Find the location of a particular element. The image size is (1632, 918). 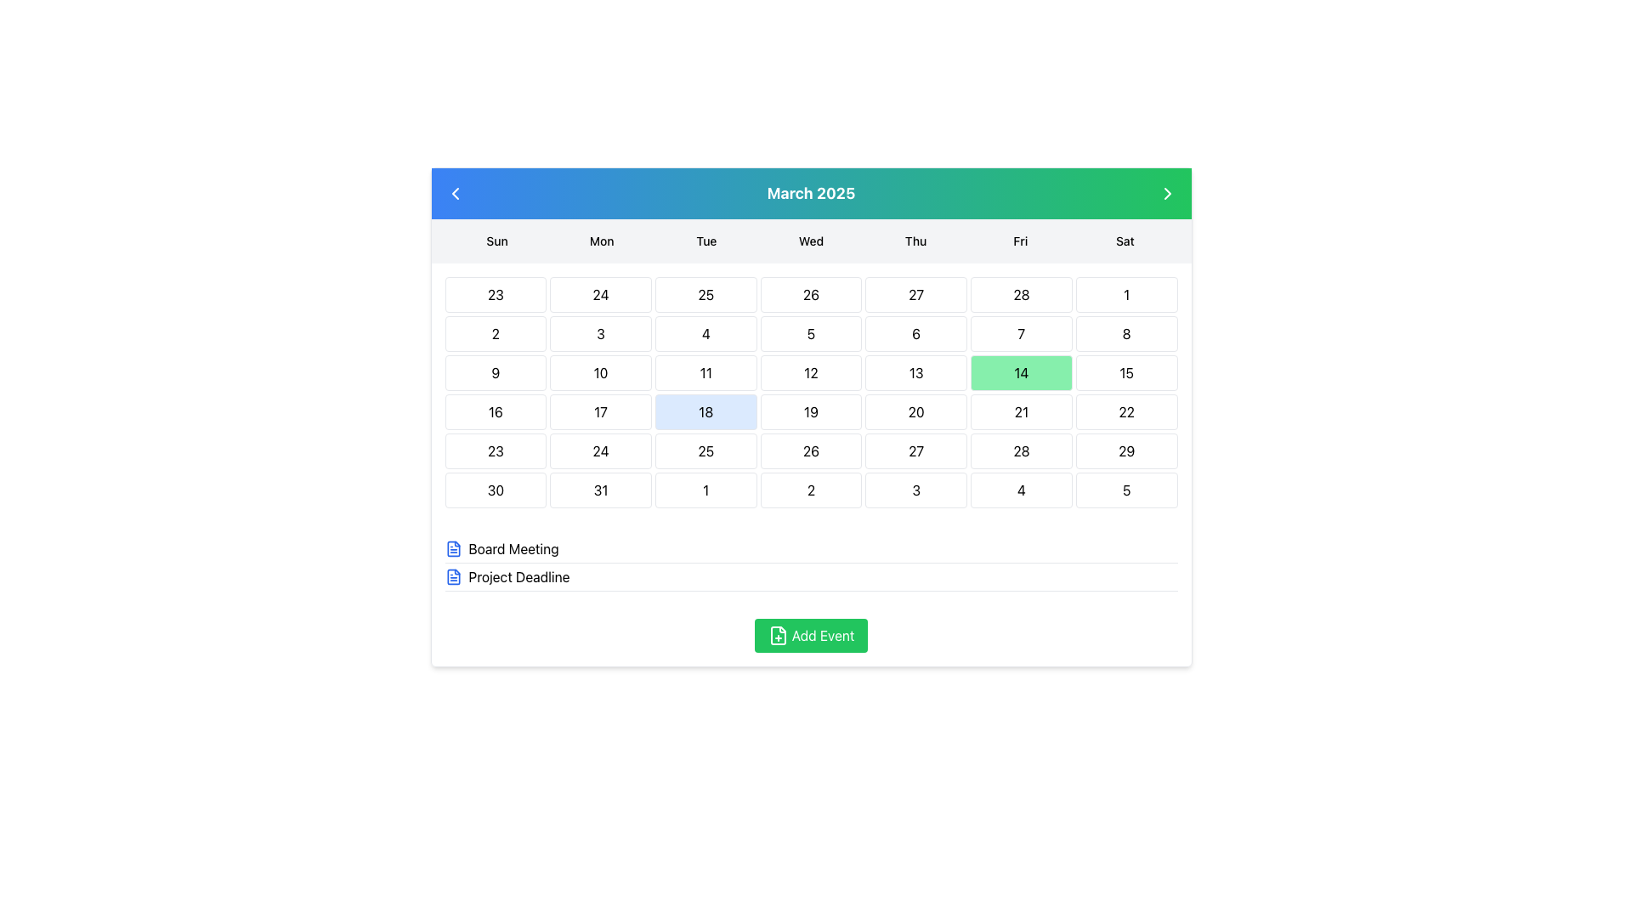

the button-like interactive calendar cell displaying the number '3' is located at coordinates (915, 490).